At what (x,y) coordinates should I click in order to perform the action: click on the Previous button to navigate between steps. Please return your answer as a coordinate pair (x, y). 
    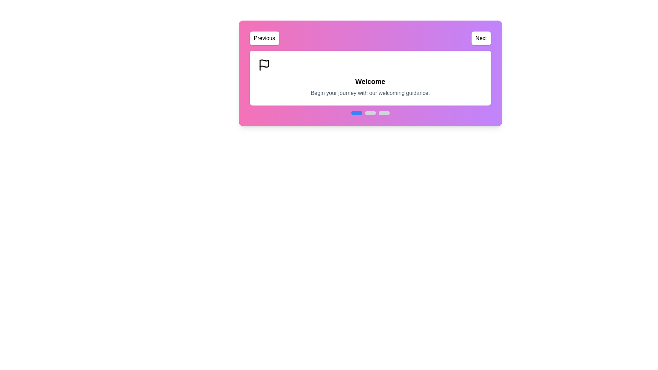
    Looking at the image, I should click on (264, 38).